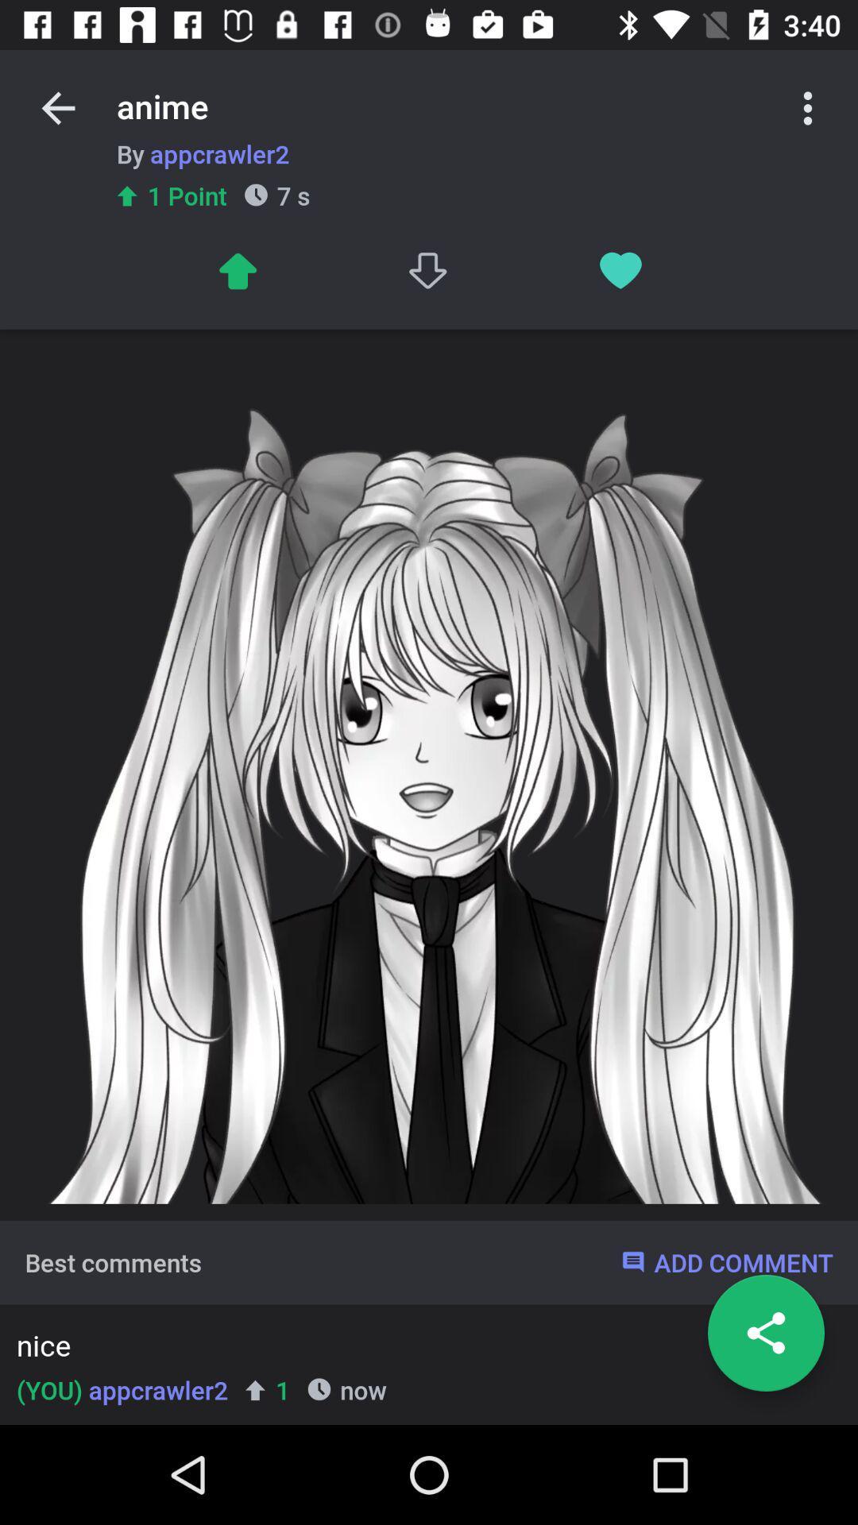  I want to click on favorite, so click(620, 271).